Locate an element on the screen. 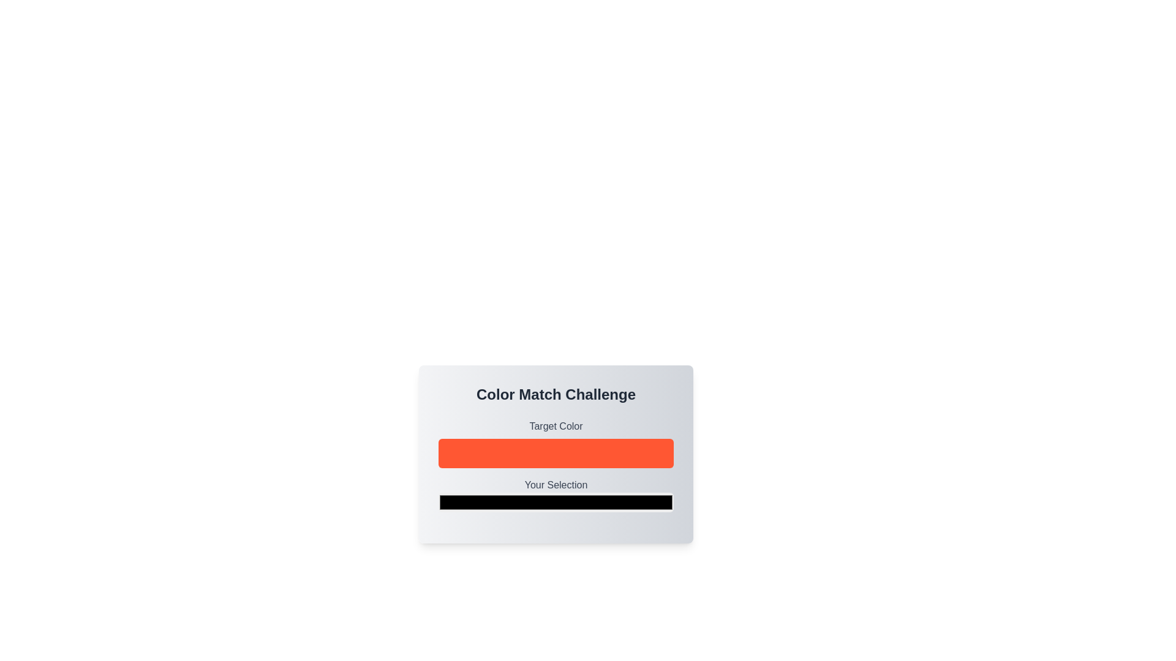 Image resolution: width=1176 pixels, height=661 pixels. the Color Display Area, which has a vibrant orange background and is located under the 'Target Color' label is located at coordinates (555, 466).